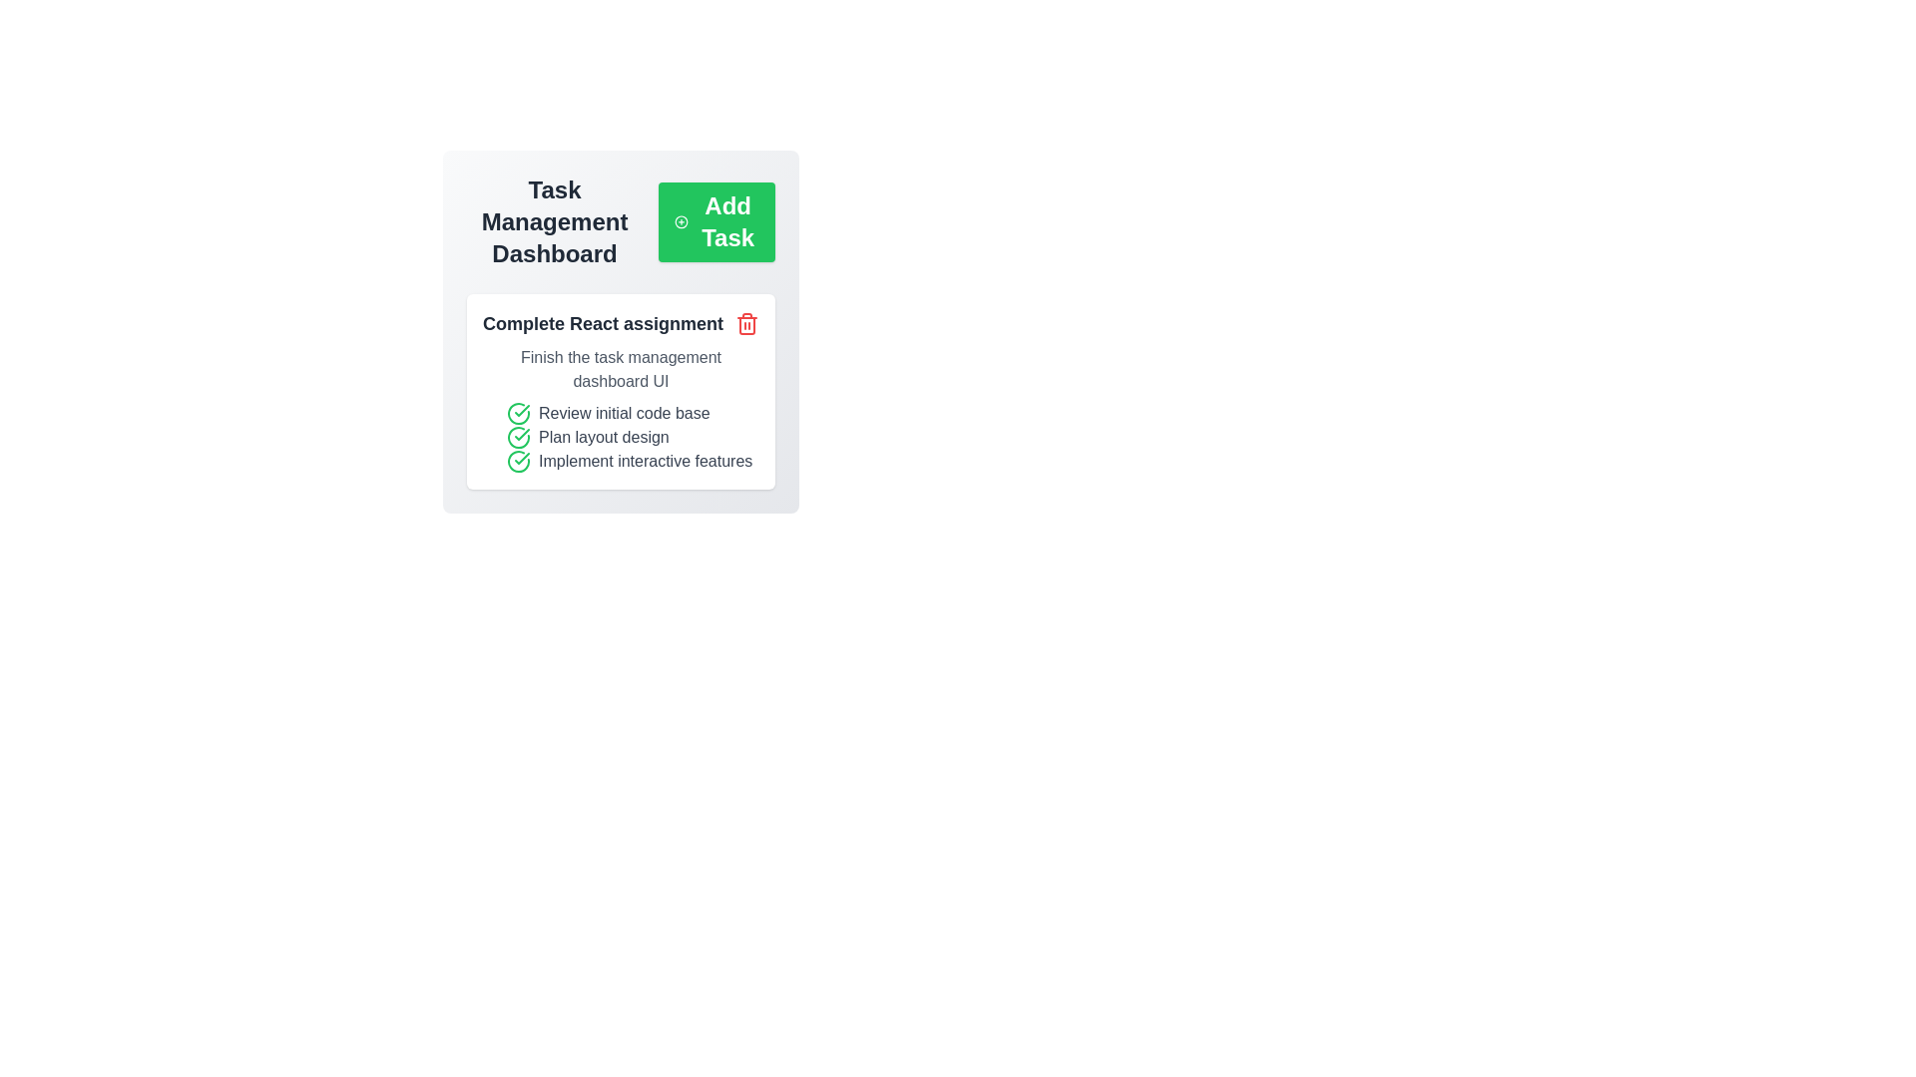  Describe the element at coordinates (518, 461) in the screenshot. I see `the checkmark status icon located to the left of the 'Plan layout design' task in the 'Complete React assignment' section` at that location.